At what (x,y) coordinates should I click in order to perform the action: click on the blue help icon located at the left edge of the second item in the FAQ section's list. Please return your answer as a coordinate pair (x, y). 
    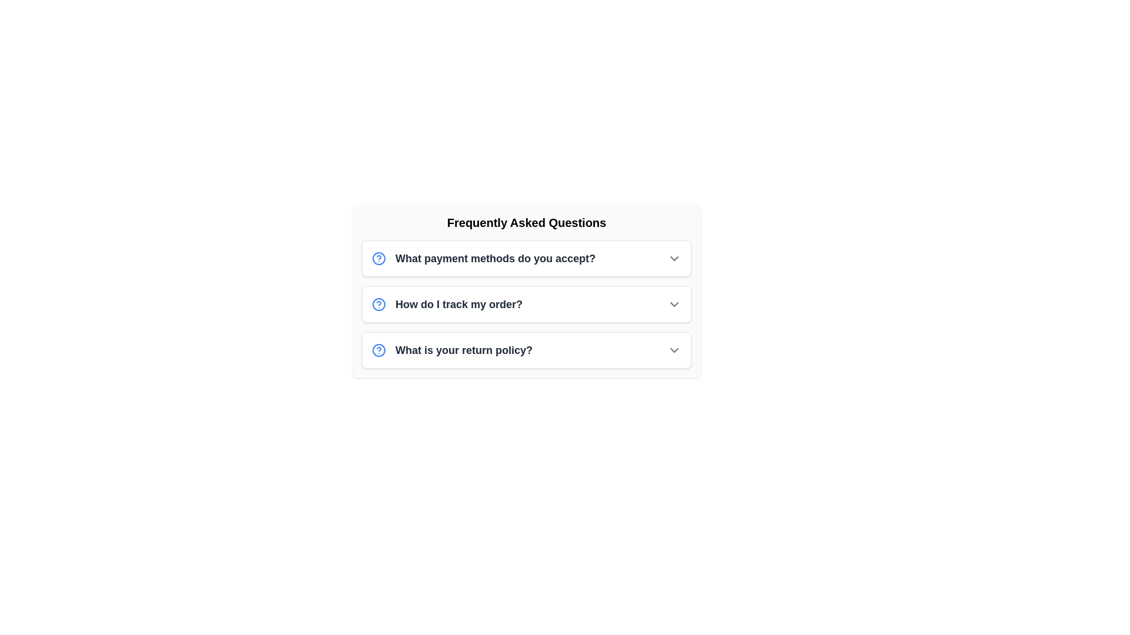
    Looking at the image, I should click on (378, 303).